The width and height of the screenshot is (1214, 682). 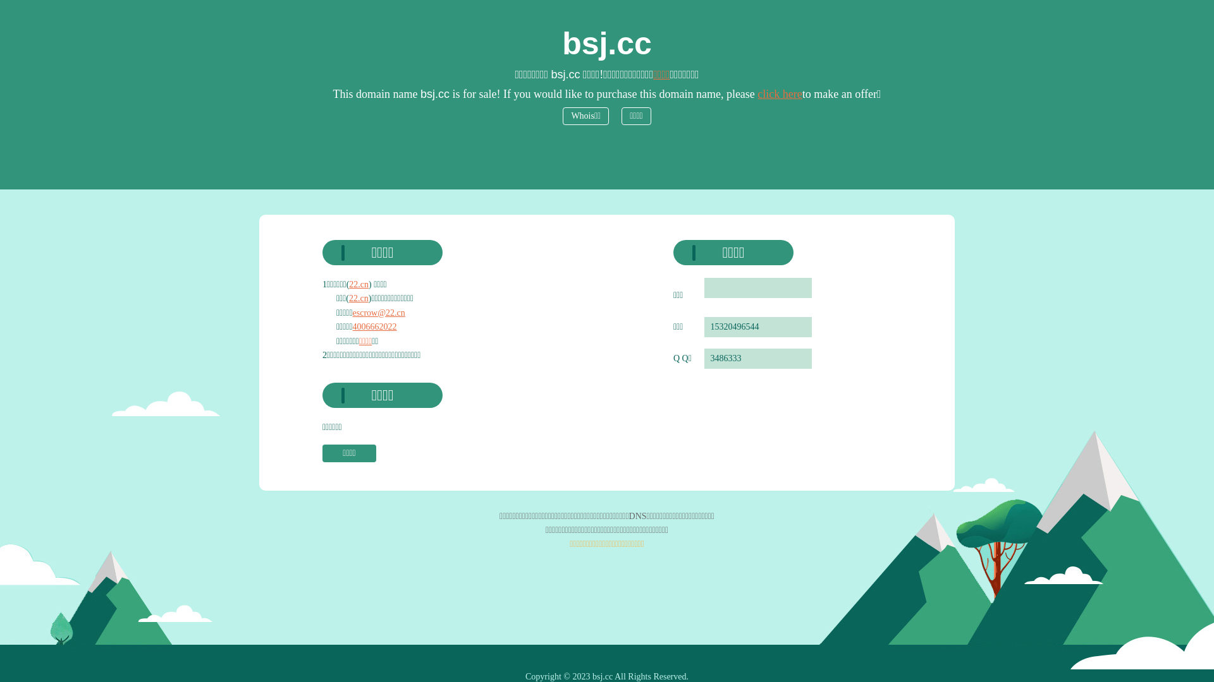 I want to click on '22.cn', so click(x=349, y=284).